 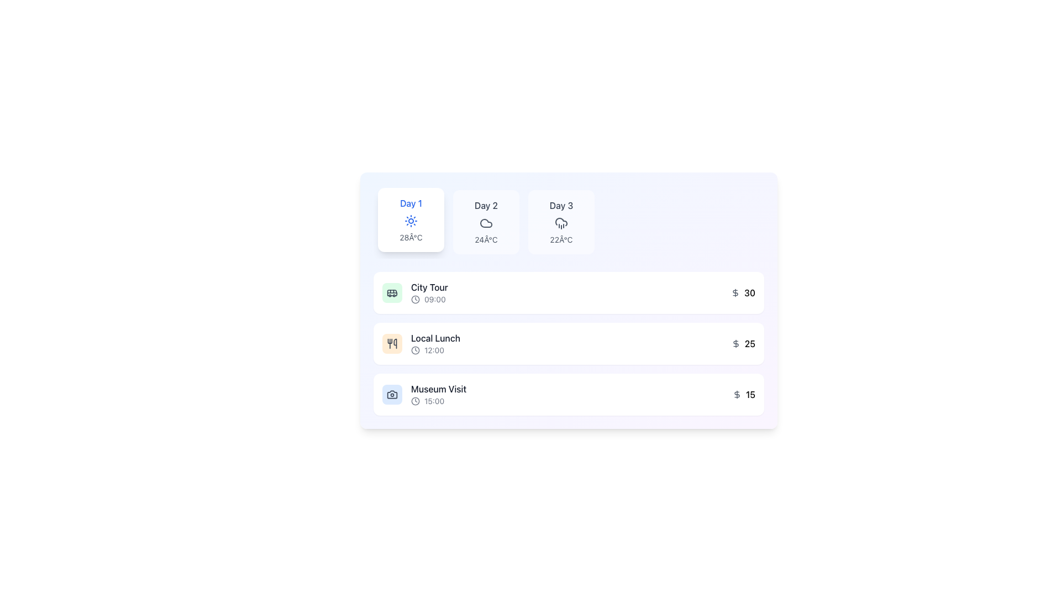 I want to click on the cloud icon with raindrops beneath it, located in the weather section's third day card, so click(x=561, y=223).